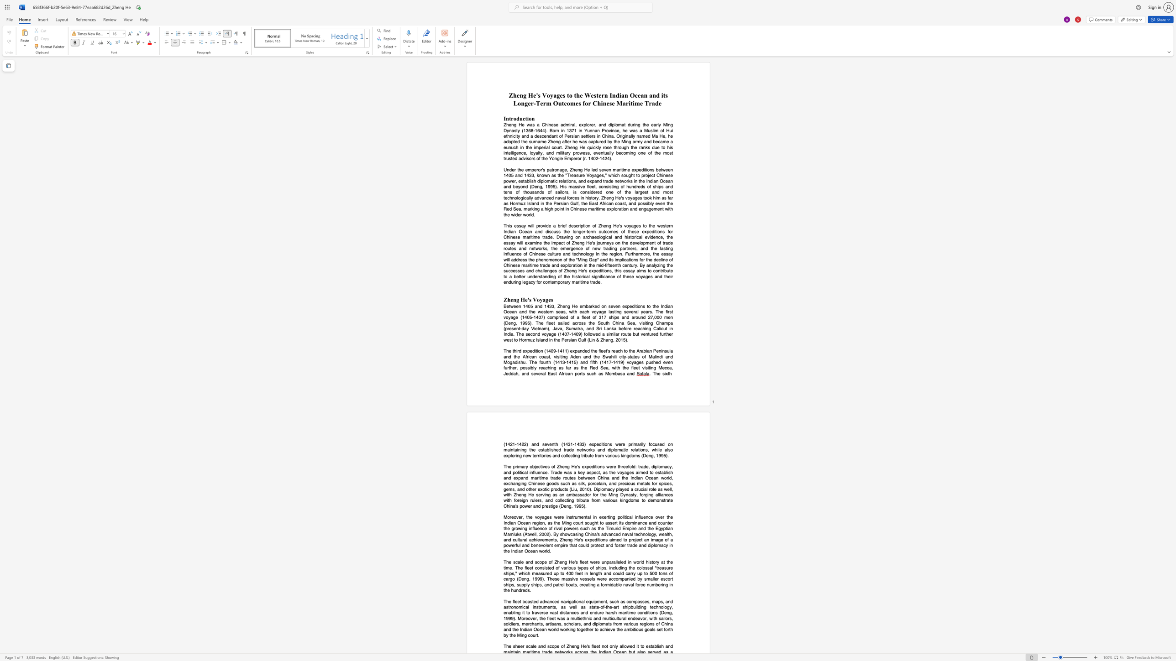 The width and height of the screenshot is (1176, 661). Describe the element at coordinates (539, 299) in the screenshot. I see `the subset text "ya" within the text "Zheng He"` at that location.